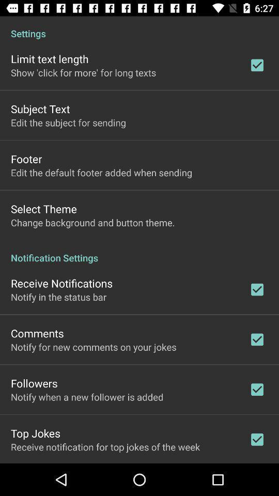 The width and height of the screenshot is (279, 496). What do you see at coordinates (40, 109) in the screenshot?
I see `the item above edit the subject` at bounding box center [40, 109].